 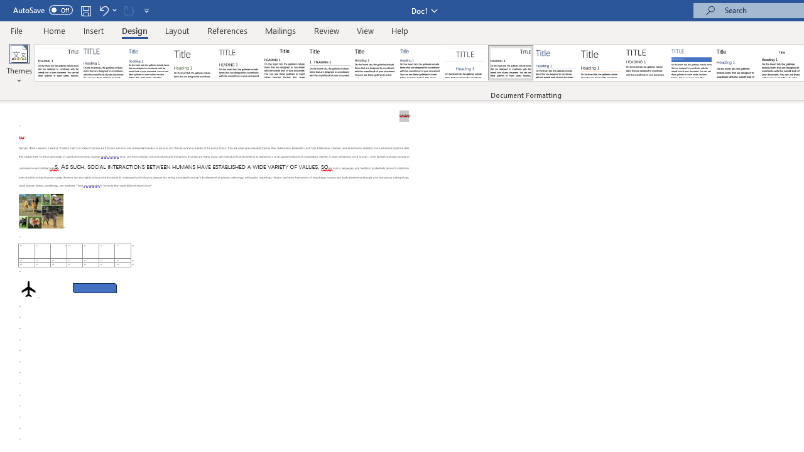 I want to click on 'Lines (Distinctive)', so click(x=510, y=63).